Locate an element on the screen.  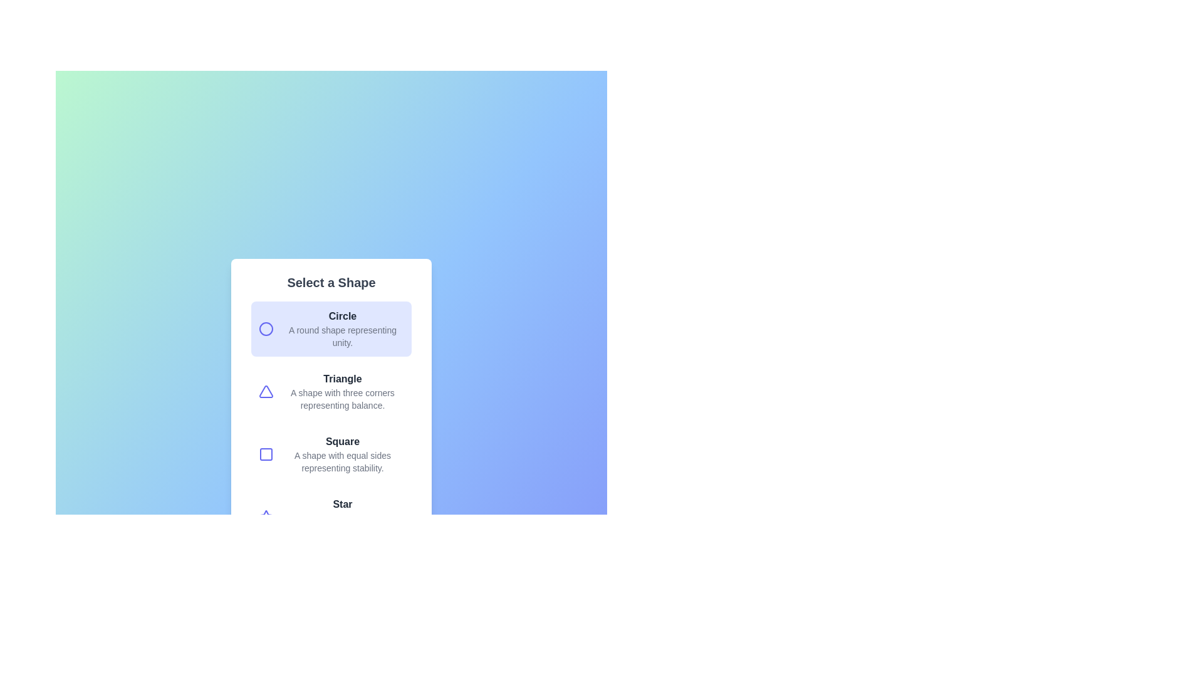
the shape Circle from the menu is located at coordinates (331, 328).